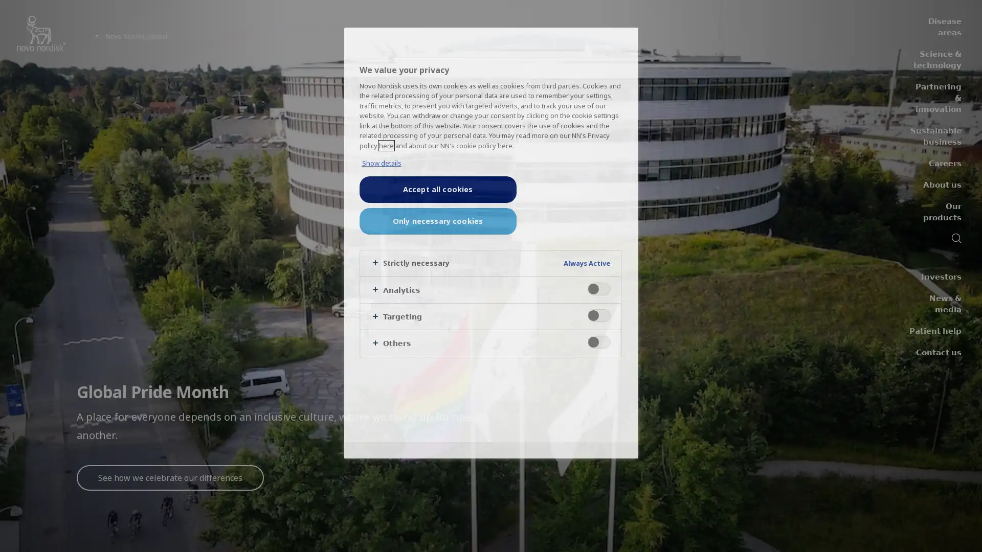  What do you see at coordinates (489, 262) in the screenshot?
I see `Strictly necessary` at bounding box center [489, 262].